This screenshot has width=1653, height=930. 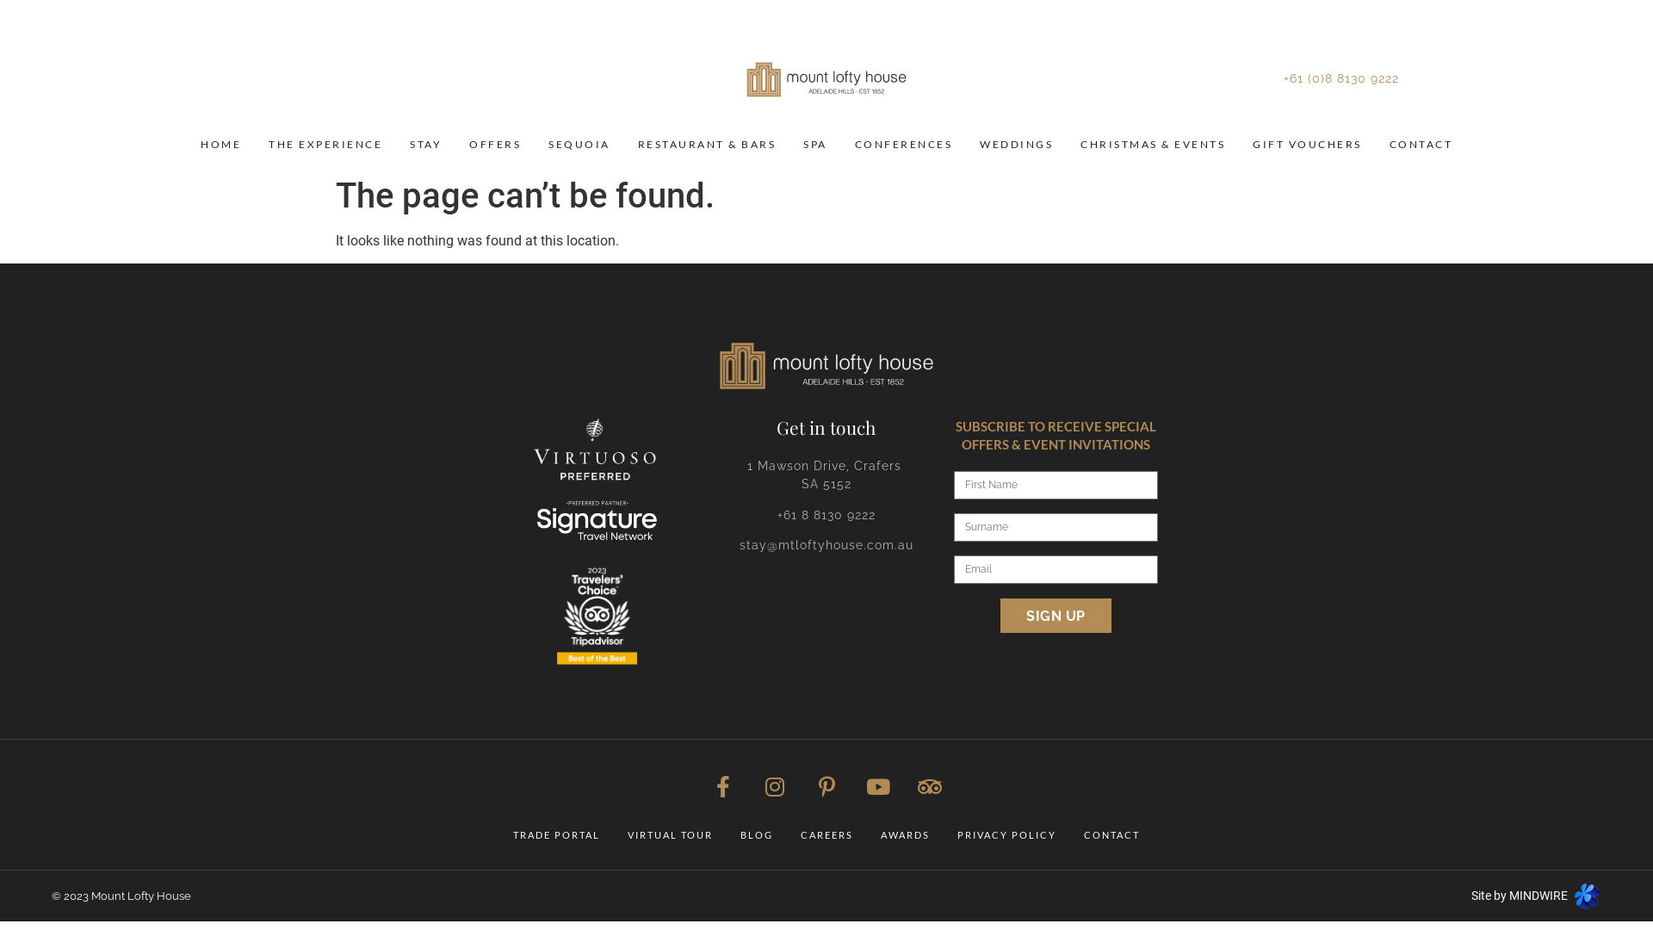 What do you see at coordinates (1421, 143) in the screenshot?
I see `'CONTACT'` at bounding box center [1421, 143].